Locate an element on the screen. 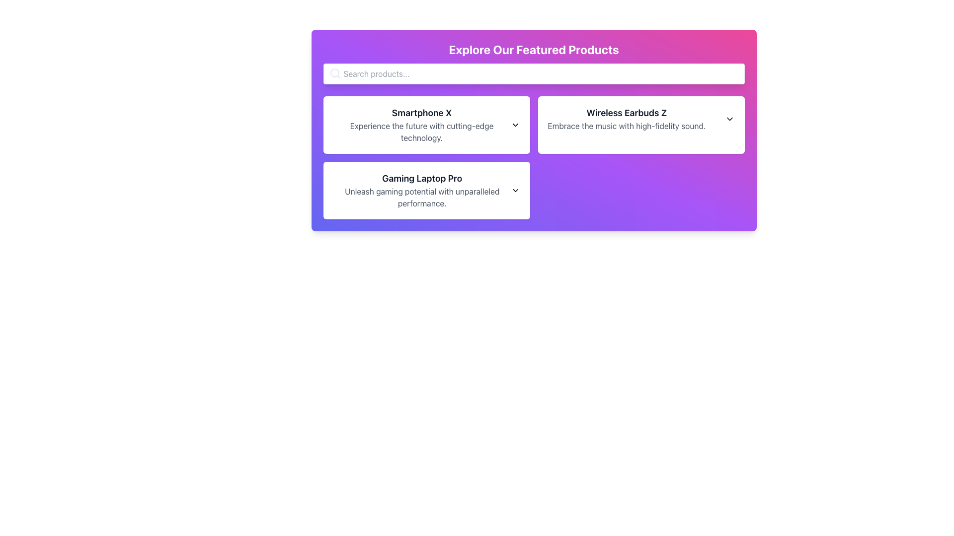 The height and width of the screenshot is (536, 954). the product card for 'Smartphone X', which is the first card in the top row of the grid layout is located at coordinates (426, 124).